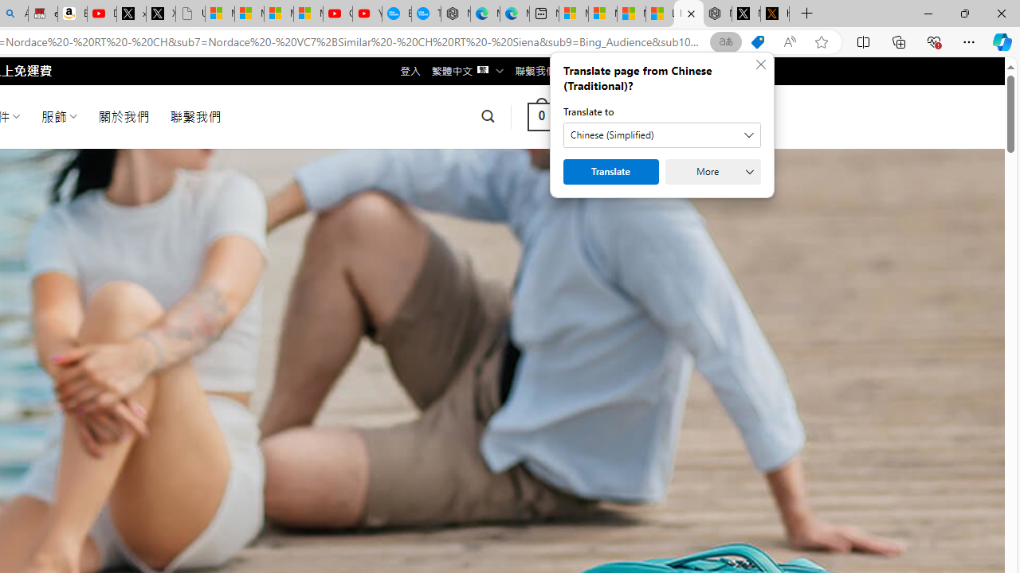 The height and width of the screenshot is (573, 1020). Describe the element at coordinates (775, 14) in the screenshot. I see `'help.x.com | 524: A timeout occurred'` at that location.